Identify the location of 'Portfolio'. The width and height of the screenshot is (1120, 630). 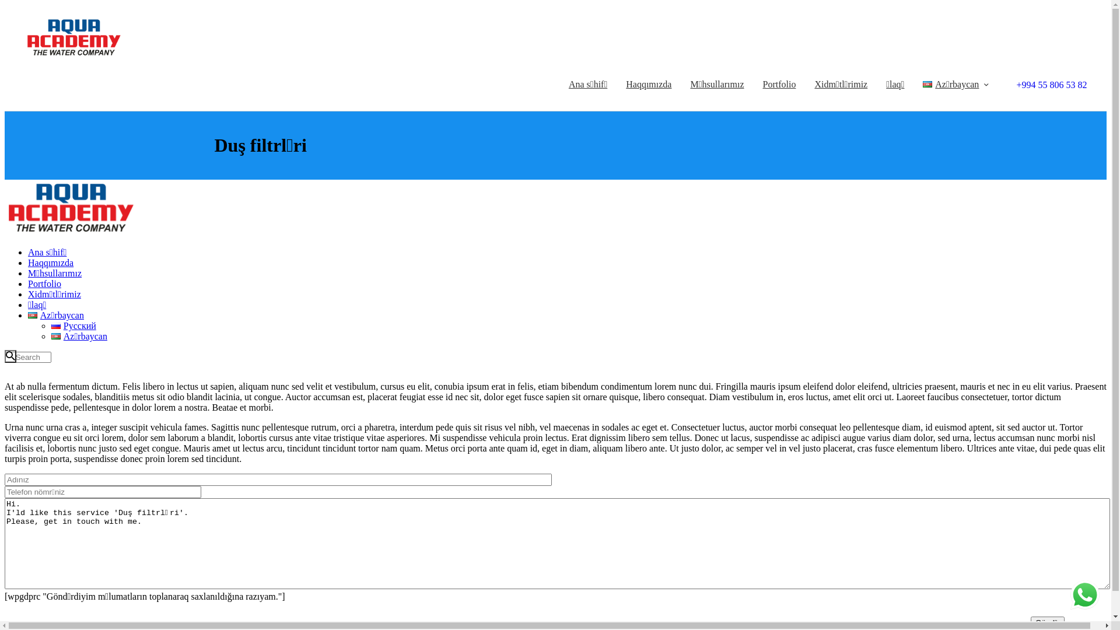
(779, 84).